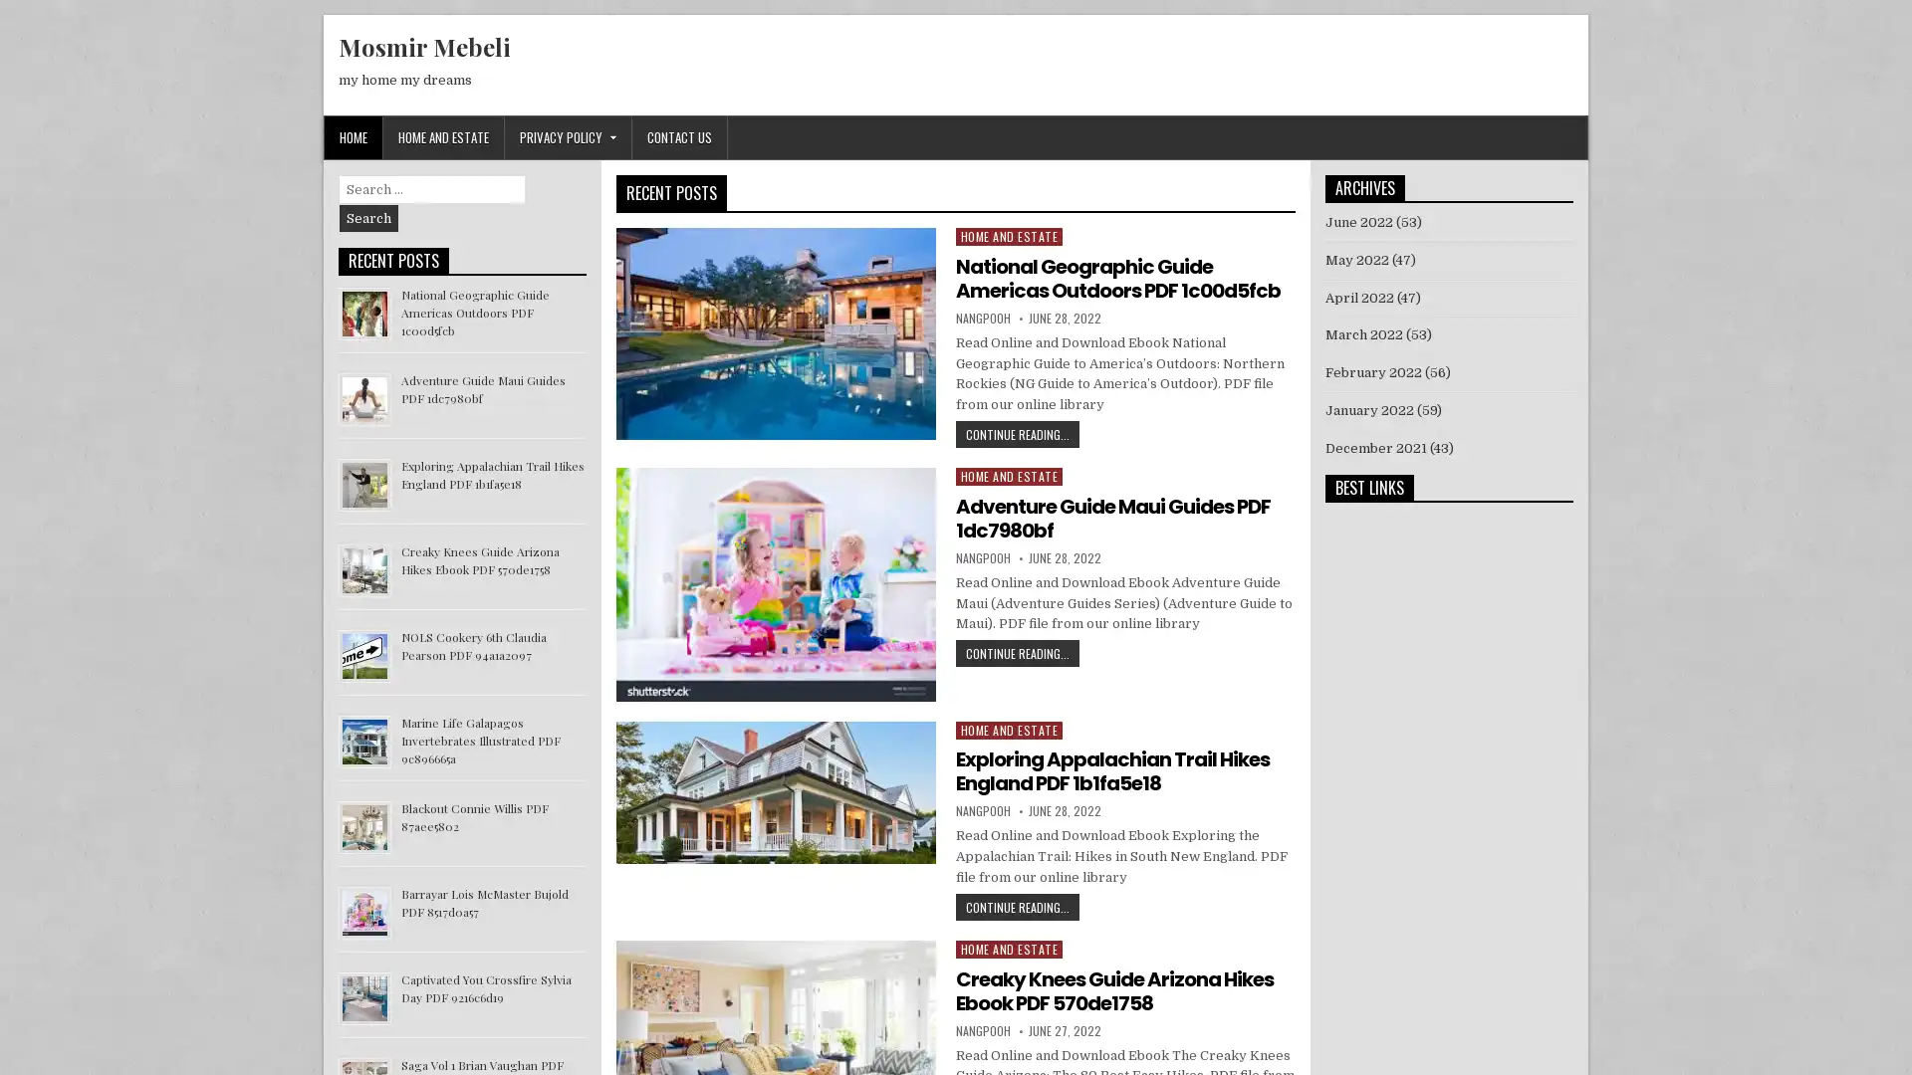 The height and width of the screenshot is (1075, 1912). What do you see at coordinates (368, 218) in the screenshot?
I see `Search` at bounding box center [368, 218].